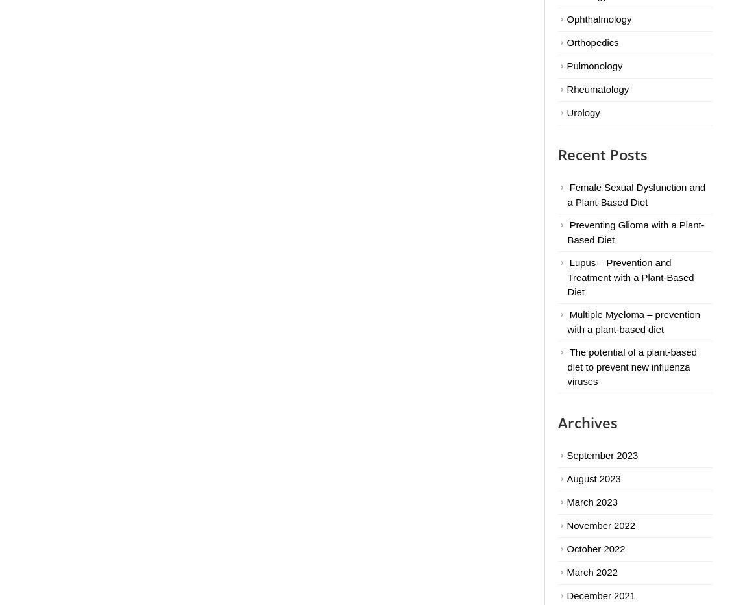 Image resolution: width=732 pixels, height=605 pixels. Describe the element at coordinates (636, 194) in the screenshot. I see `'Female Sexual Dysfunction and a Plant-Based Diet'` at that location.